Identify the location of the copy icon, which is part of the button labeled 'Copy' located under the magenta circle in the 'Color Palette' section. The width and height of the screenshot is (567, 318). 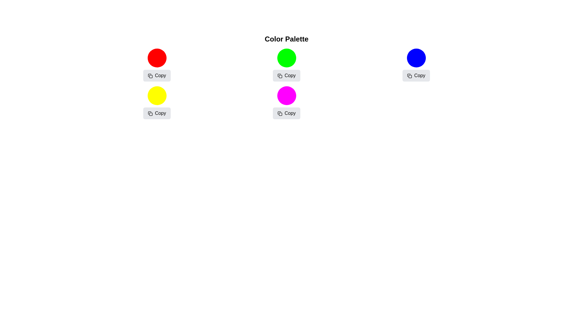
(279, 113).